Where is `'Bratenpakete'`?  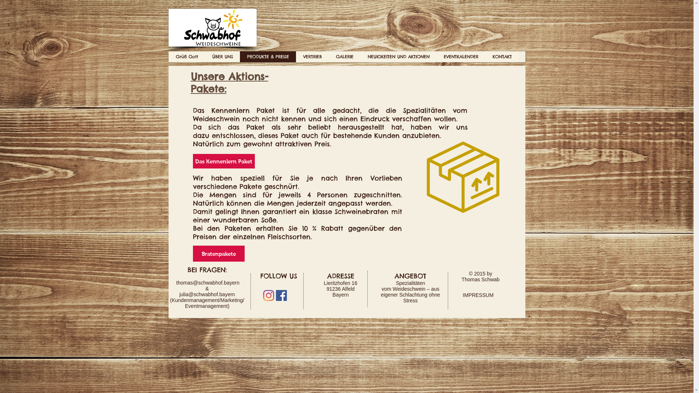 'Bratenpakete' is located at coordinates (218, 253).